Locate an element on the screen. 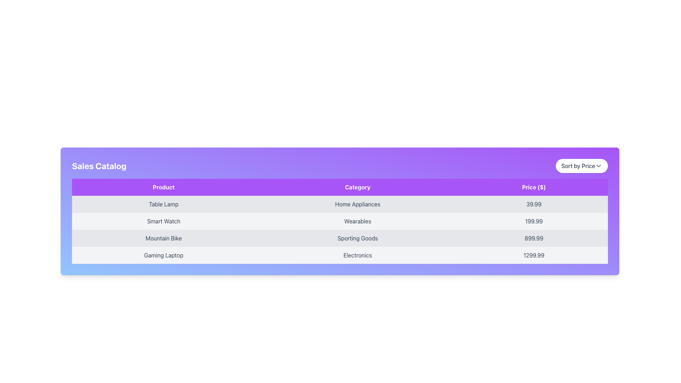 The width and height of the screenshot is (681, 383). the downward-facing chevron icon located to the right of the 'Sort by Price' text is located at coordinates (598, 166).